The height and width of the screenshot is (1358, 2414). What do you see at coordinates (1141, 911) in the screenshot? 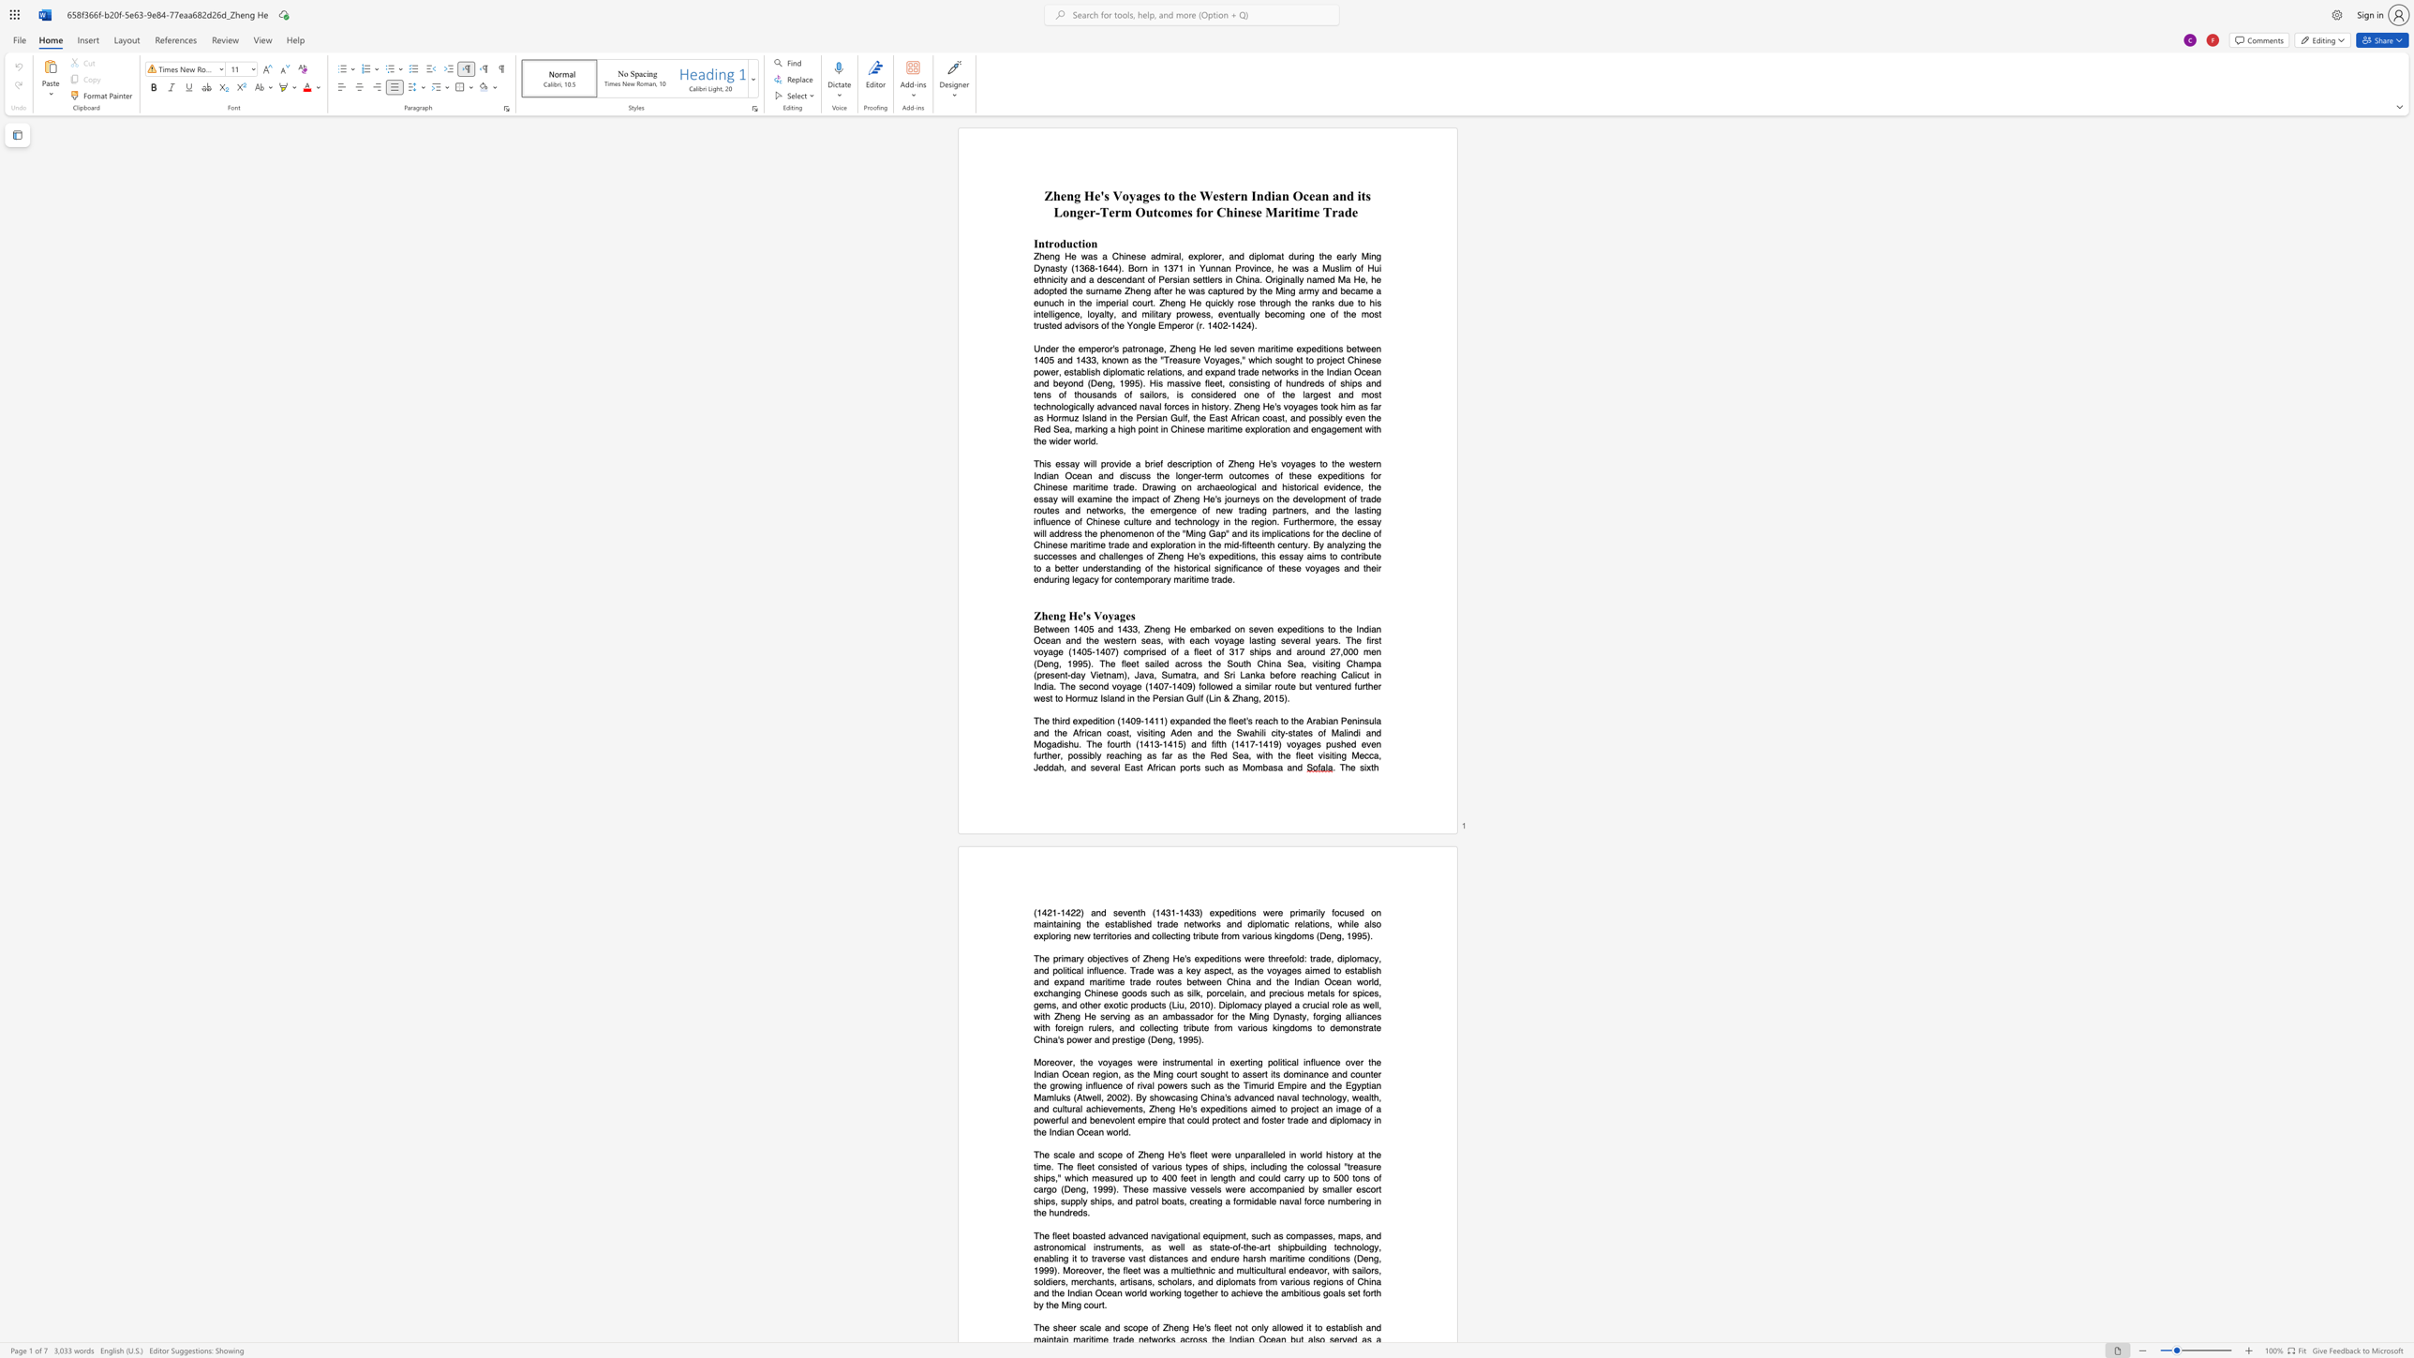
I see `the space between the continuous character "t" and "h" in the text` at bounding box center [1141, 911].